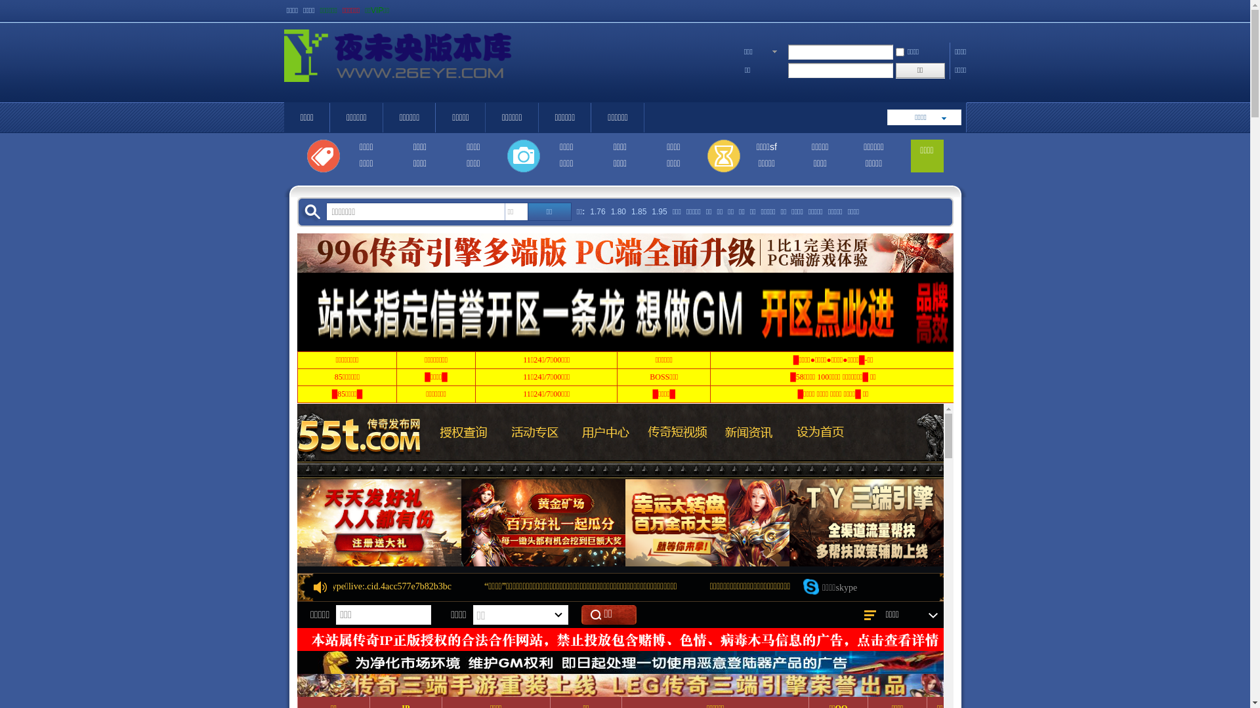  What do you see at coordinates (618, 211) in the screenshot?
I see `'1.80'` at bounding box center [618, 211].